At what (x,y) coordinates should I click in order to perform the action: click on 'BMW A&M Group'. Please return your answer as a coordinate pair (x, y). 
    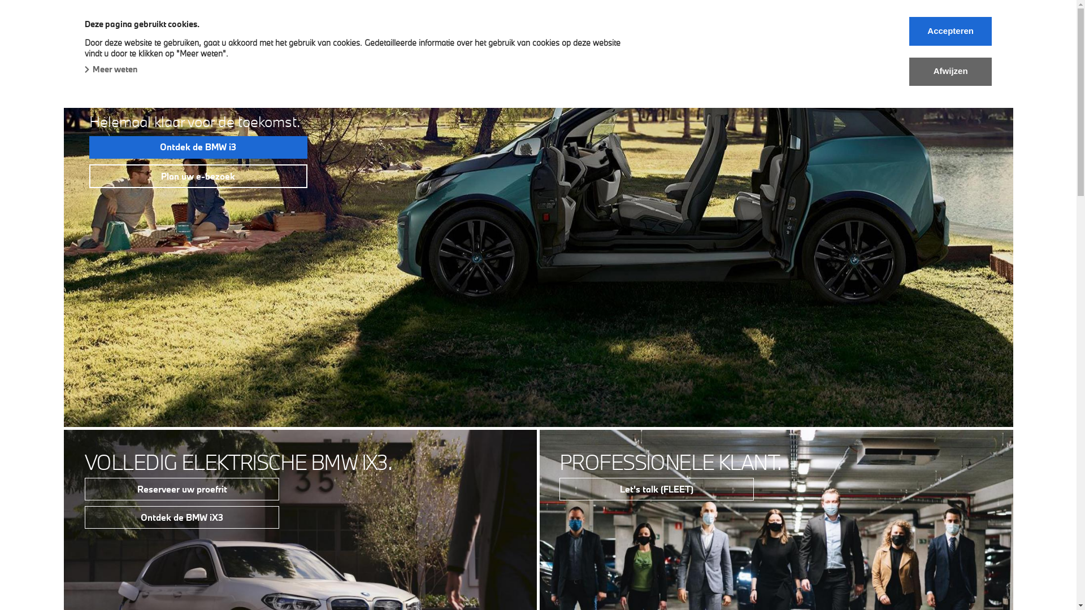
    Looking at the image, I should click on (122, 24).